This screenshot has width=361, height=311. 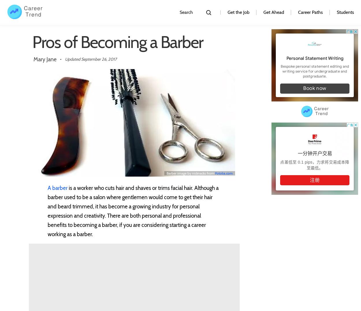 I want to click on 'A barber', so click(x=48, y=187).